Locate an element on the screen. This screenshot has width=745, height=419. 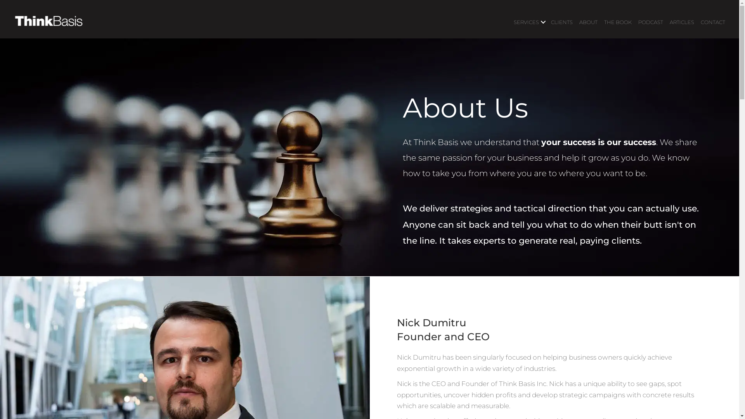
'THE BOOK' is located at coordinates (601, 22).